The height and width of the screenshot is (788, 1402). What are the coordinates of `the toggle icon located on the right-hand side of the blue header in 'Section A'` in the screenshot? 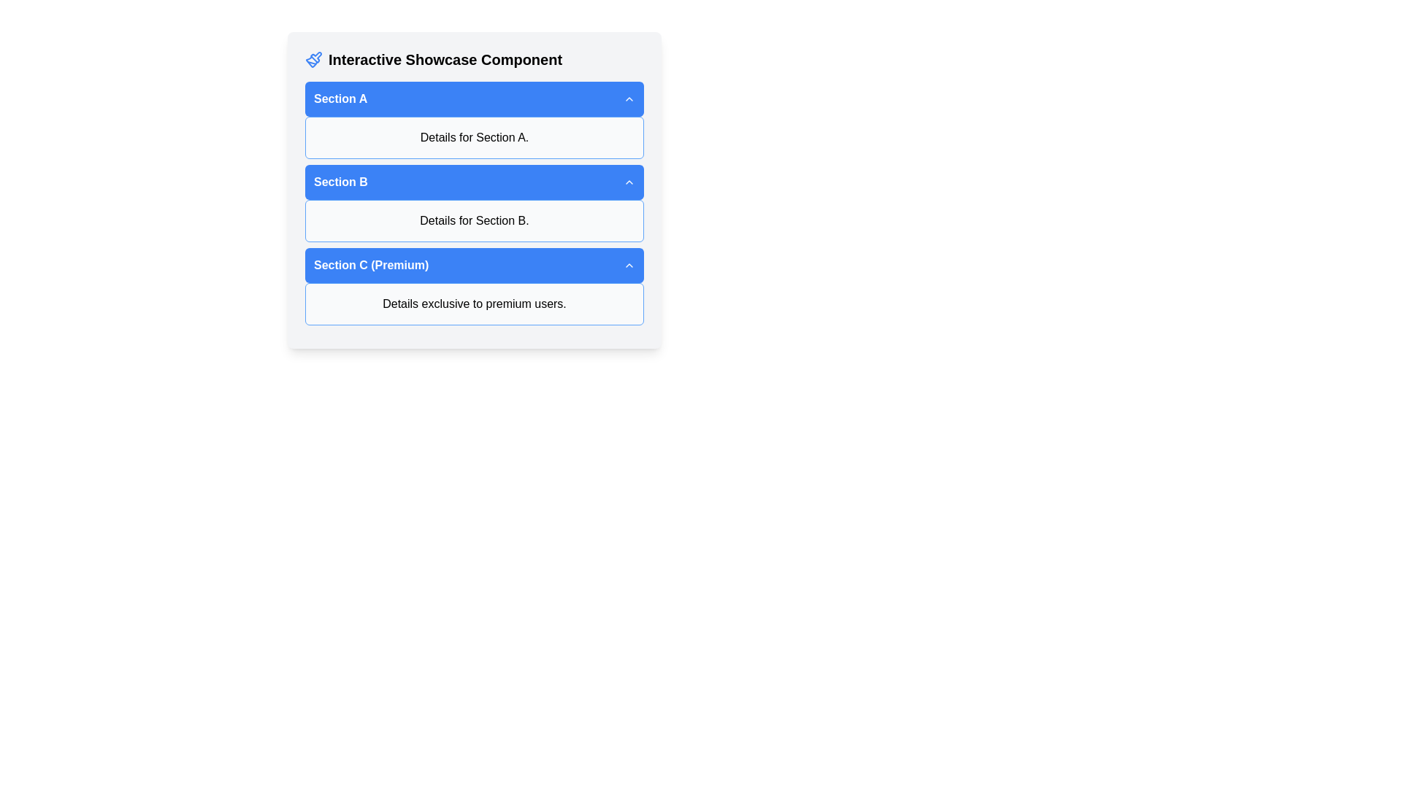 It's located at (629, 98).